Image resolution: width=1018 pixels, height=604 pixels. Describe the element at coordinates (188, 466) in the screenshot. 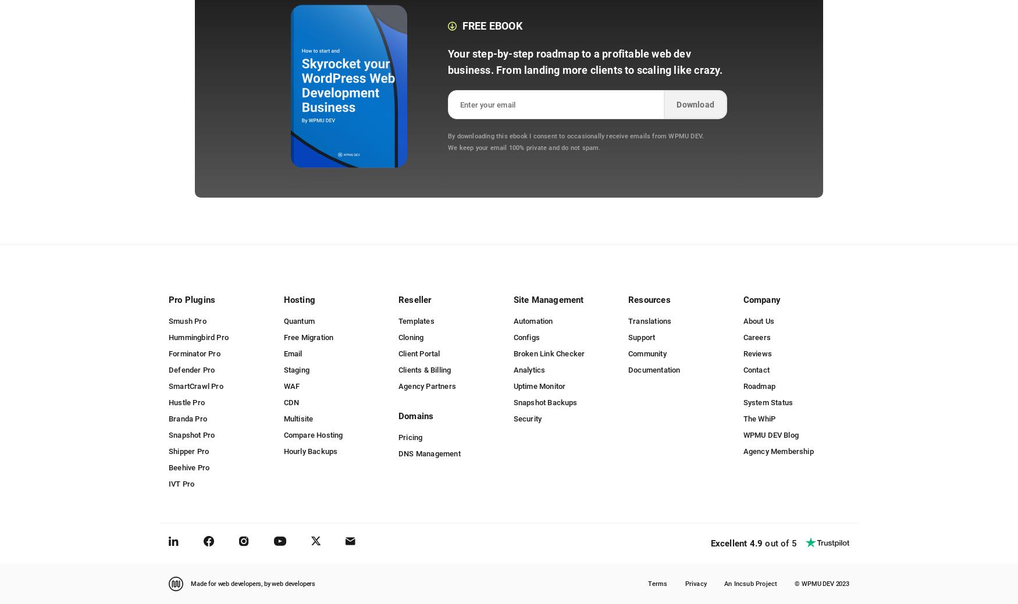

I see `'Beehive Pro'` at that location.